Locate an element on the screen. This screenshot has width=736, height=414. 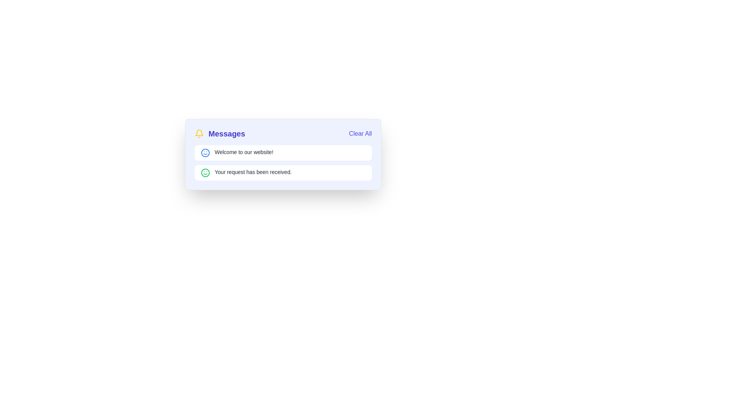
the bell notification icon located at the far left side of the header section next to the 'Messages' title is located at coordinates (199, 133).